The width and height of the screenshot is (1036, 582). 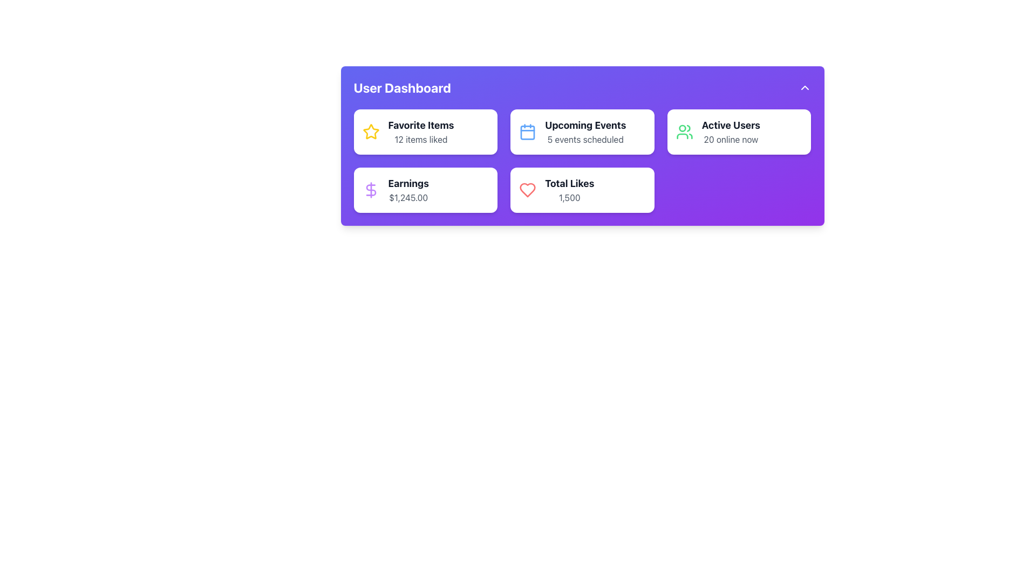 I want to click on the static text displaying '20 online now' in light gray color, located below 'Active Users' in the right column of the dashboard interface, so click(x=731, y=138).